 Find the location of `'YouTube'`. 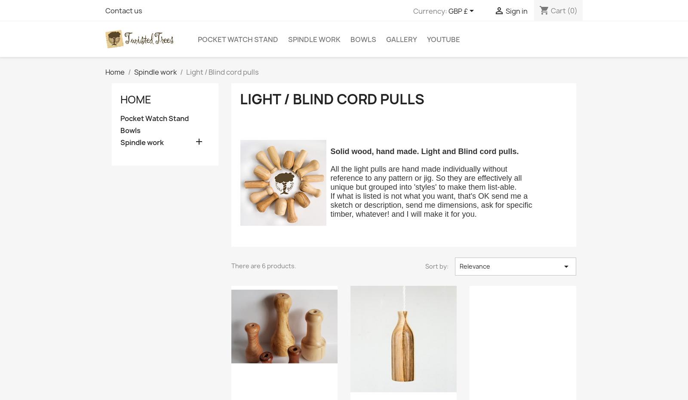

'YouTube' is located at coordinates (443, 39).